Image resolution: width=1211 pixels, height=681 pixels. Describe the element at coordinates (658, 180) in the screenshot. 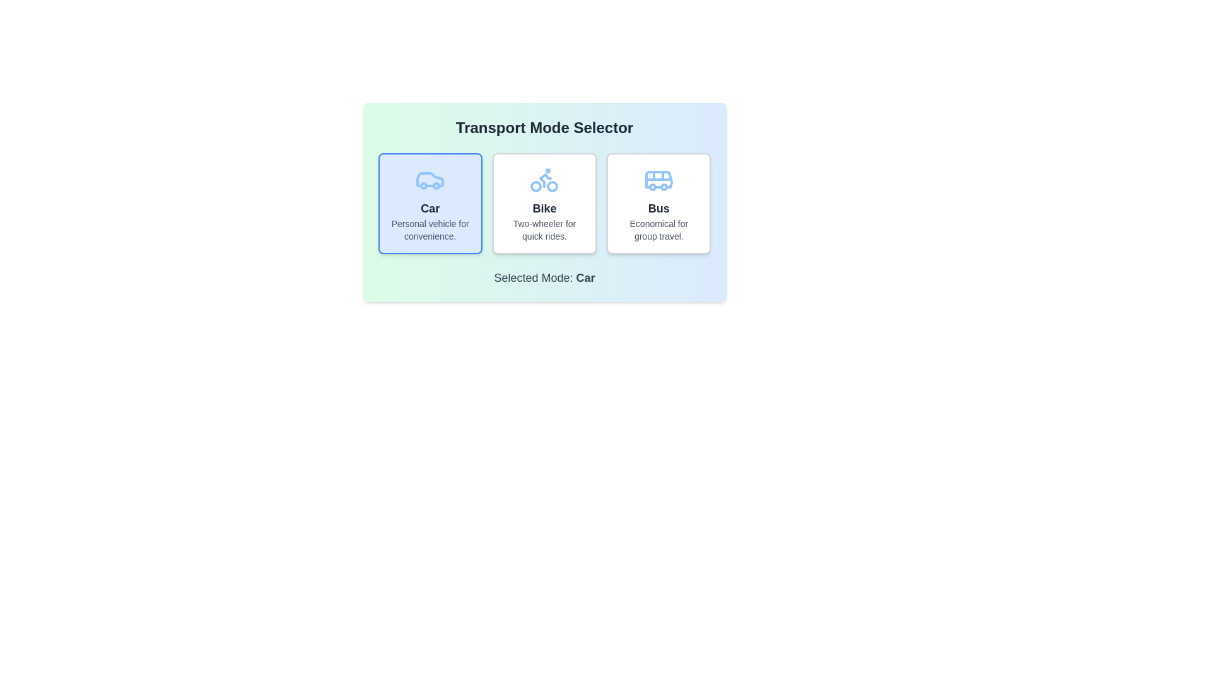

I see `the 'Bus' icon in the transport mode selection interface, which is centered at the top of the third option card labeled 'Bus'` at that location.